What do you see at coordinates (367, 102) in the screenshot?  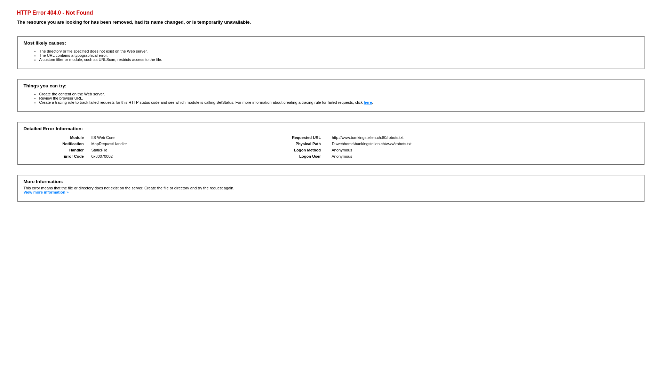 I see `'here'` at bounding box center [367, 102].